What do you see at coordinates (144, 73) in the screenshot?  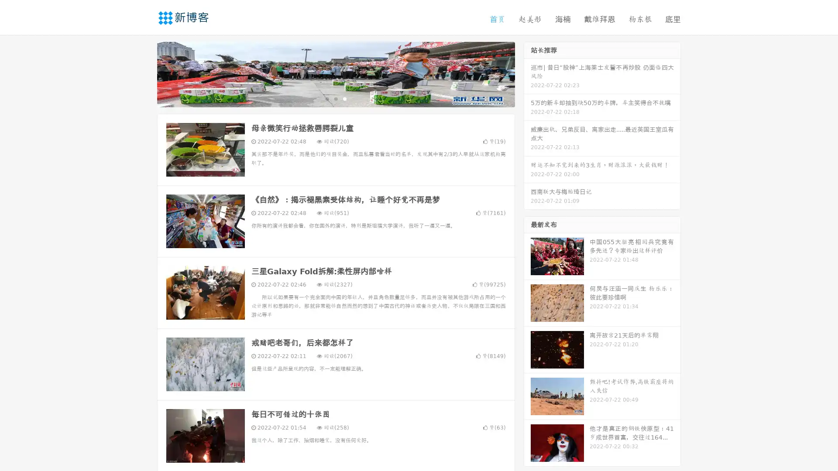 I see `Previous slide` at bounding box center [144, 73].